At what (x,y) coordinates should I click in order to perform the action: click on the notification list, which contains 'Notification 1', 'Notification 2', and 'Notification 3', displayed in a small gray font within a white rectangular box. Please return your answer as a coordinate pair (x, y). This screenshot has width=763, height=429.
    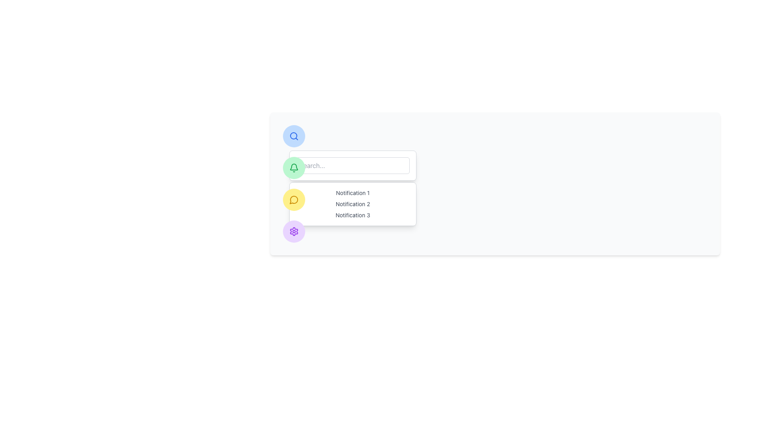
    Looking at the image, I should click on (352, 203).